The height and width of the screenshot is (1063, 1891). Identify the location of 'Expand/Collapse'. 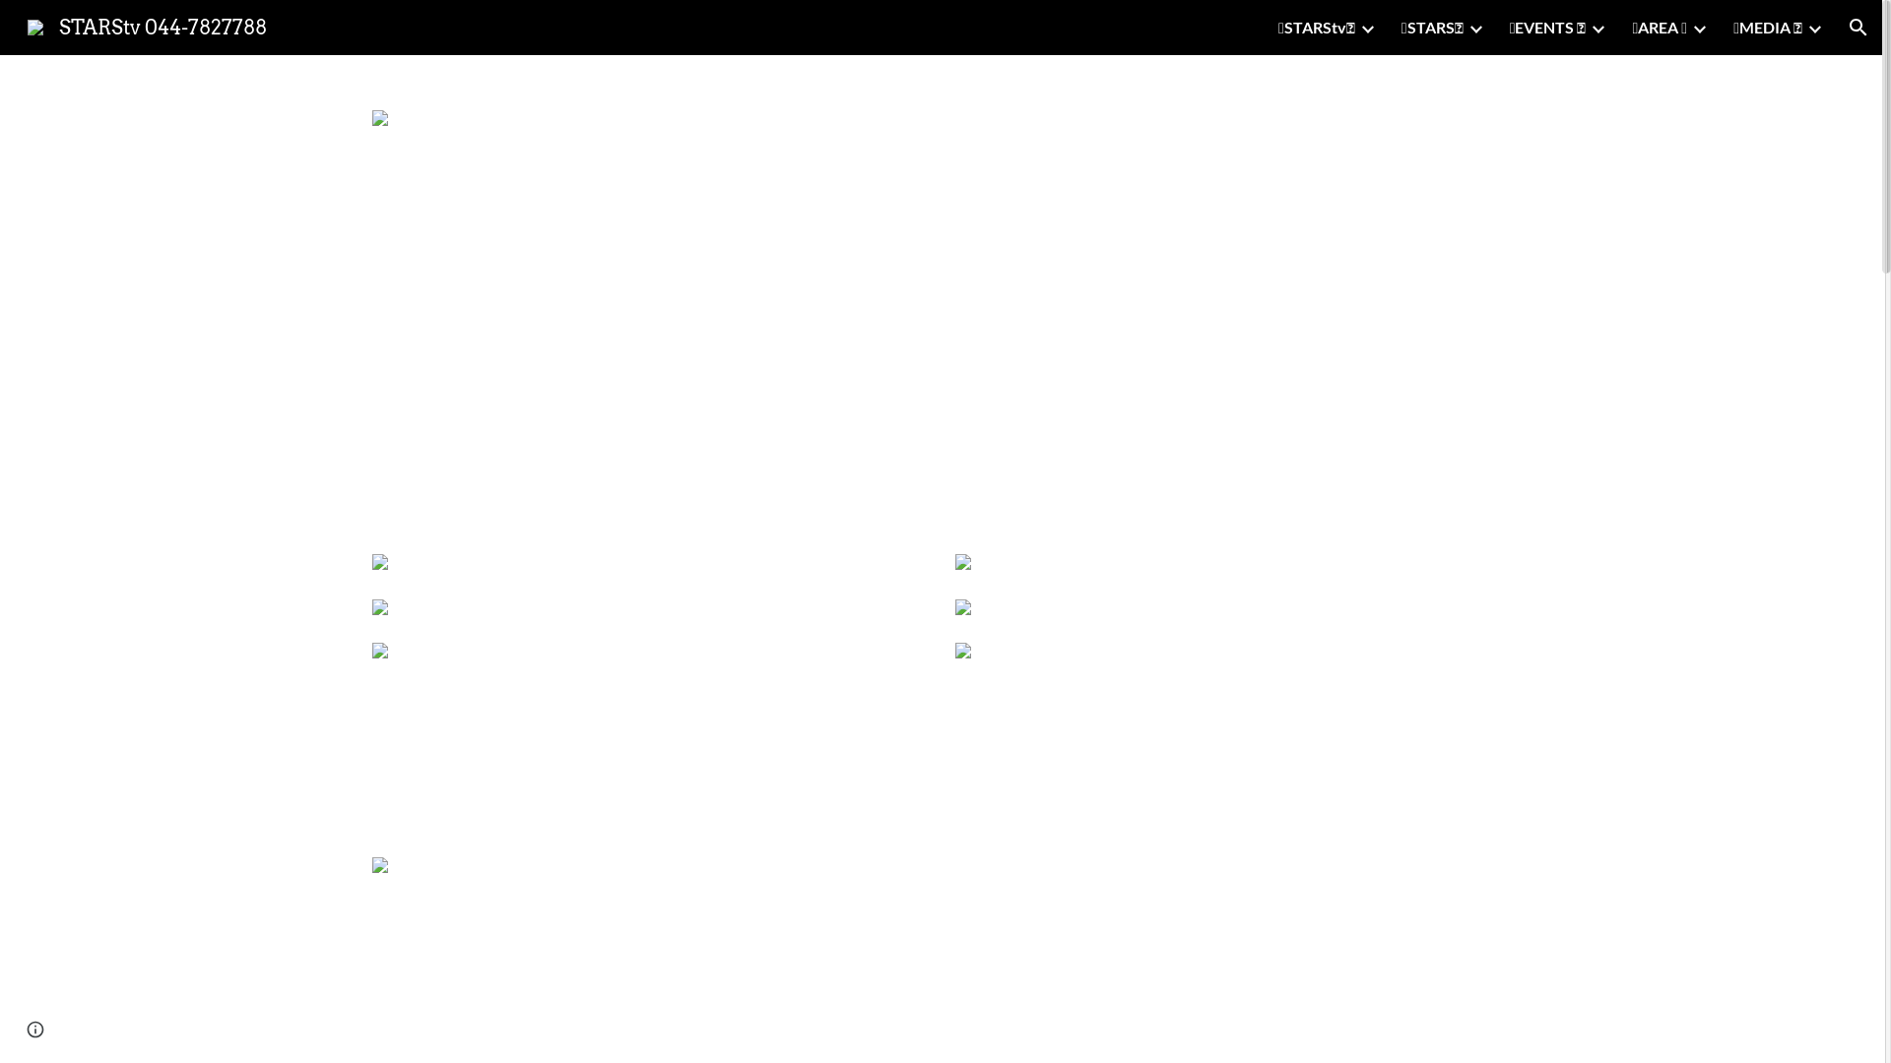
(1598, 27).